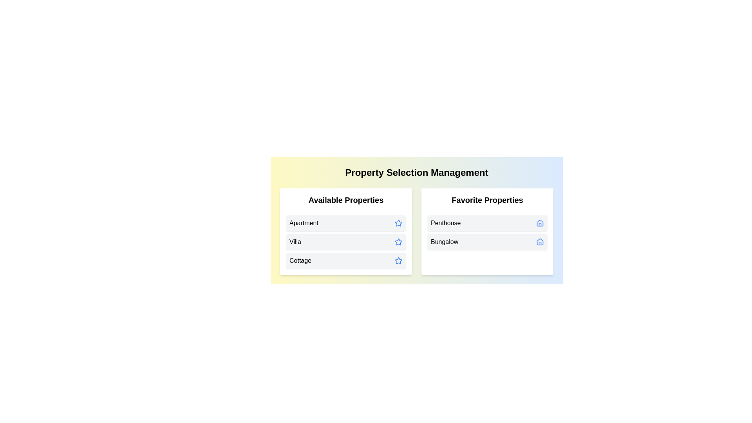  Describe the element at coordinates (398, 261) in the screenshot. I see `star icon next to the property Cottage in the 'Available Properties' list to transfer it to 'Favorite Properties'` at that location.